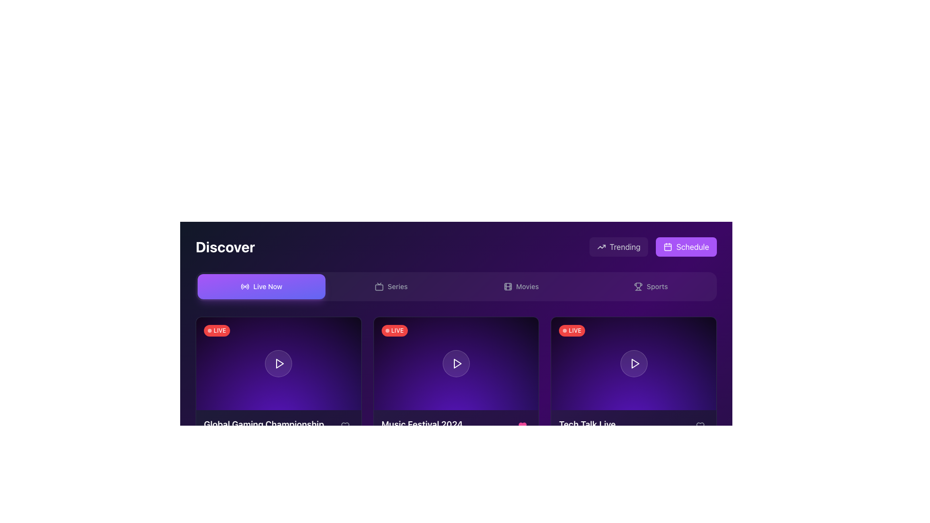  I want to click on the 'Live Now' button, which has an Icon (SVG graphic) indicating live activity positioned to the left of the button text, so click(245, 286).